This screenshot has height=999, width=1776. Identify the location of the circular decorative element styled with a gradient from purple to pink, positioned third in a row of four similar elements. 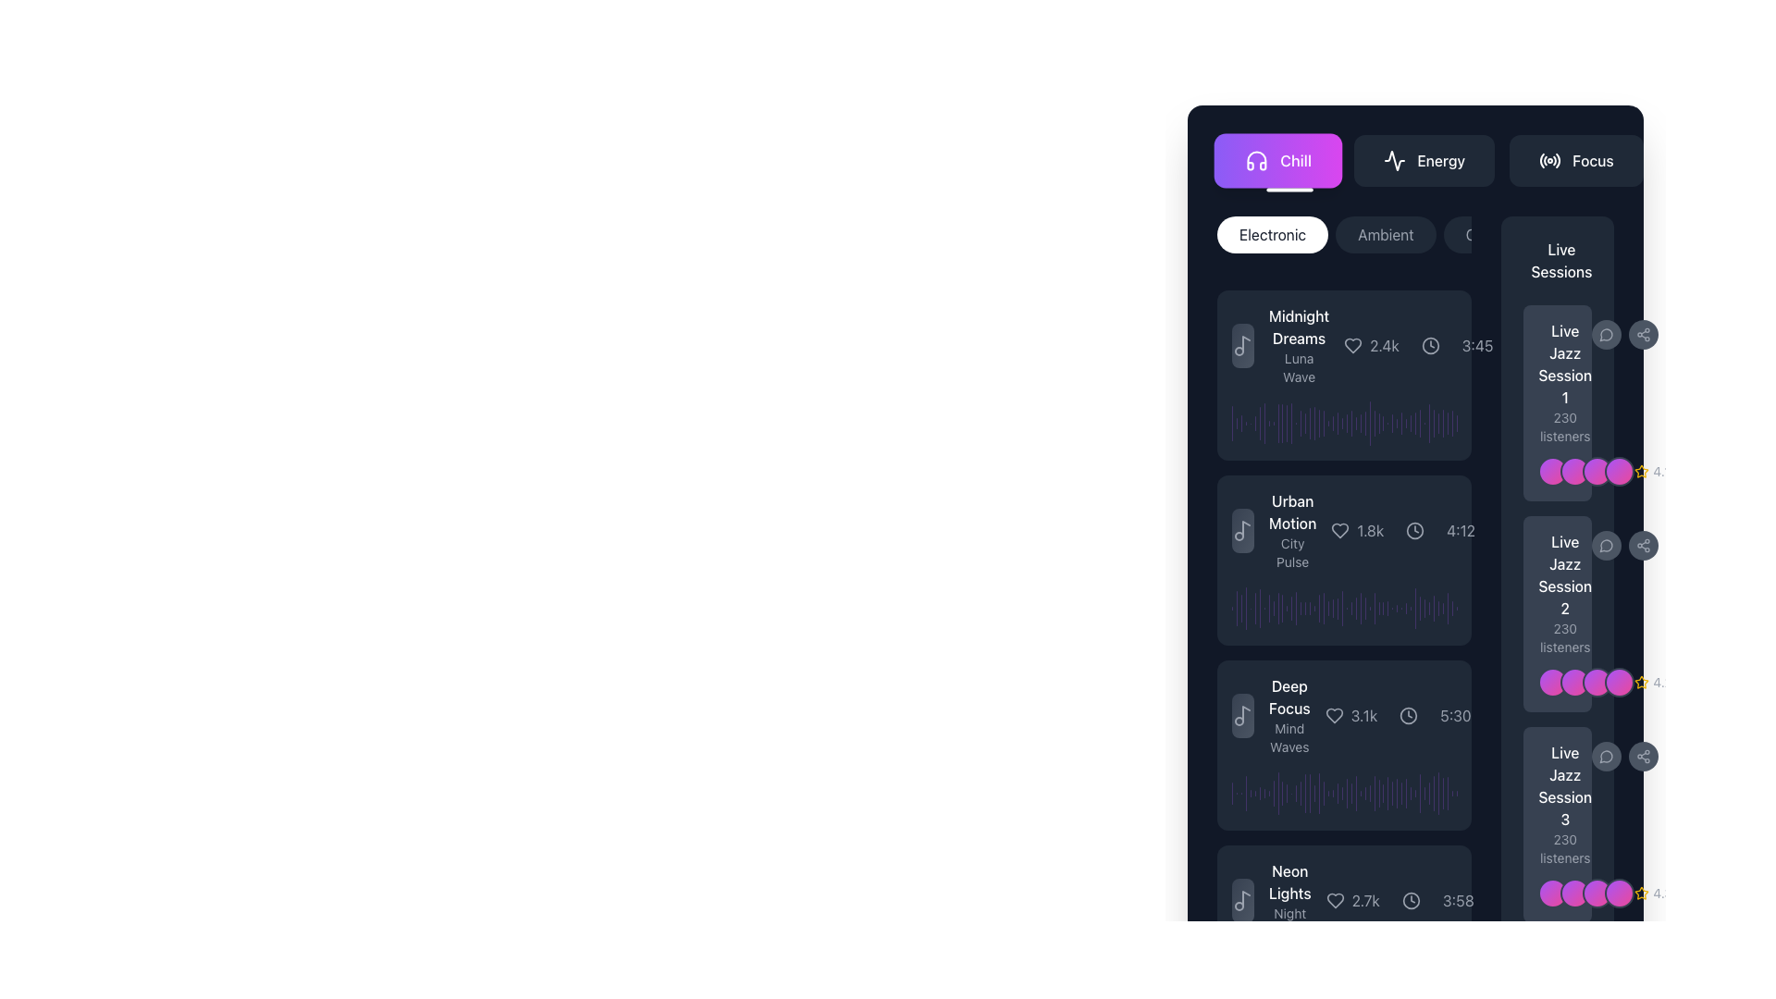
(1597, 892).